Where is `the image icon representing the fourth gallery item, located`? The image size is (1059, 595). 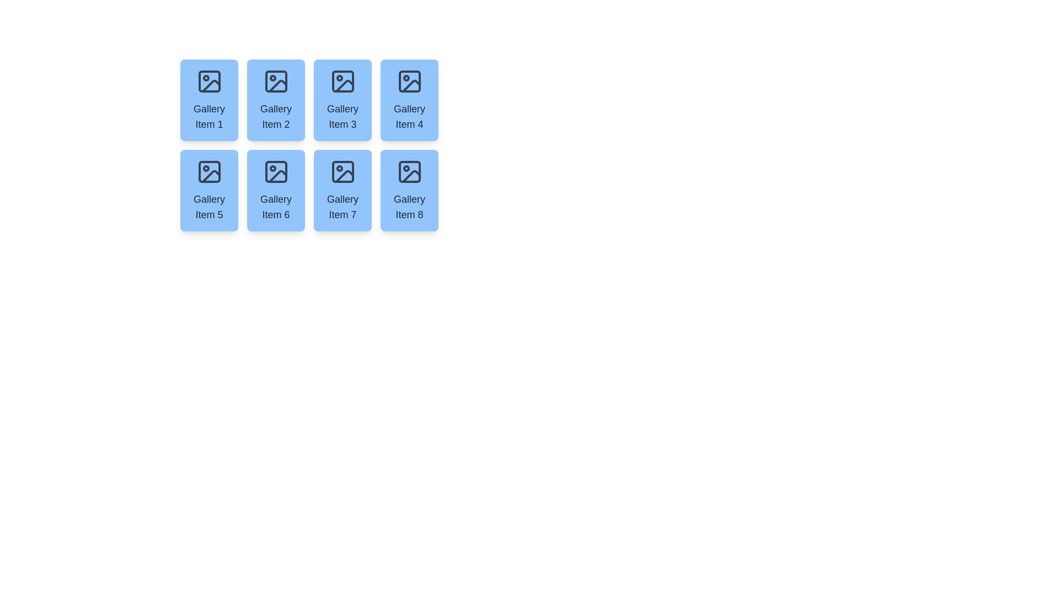
the image icon representing the fourth gallery item, located is located at coordinates (409, 80).